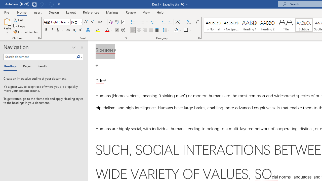 The image size is (322, 181). I want to click on 'Can', so click(43, 4).